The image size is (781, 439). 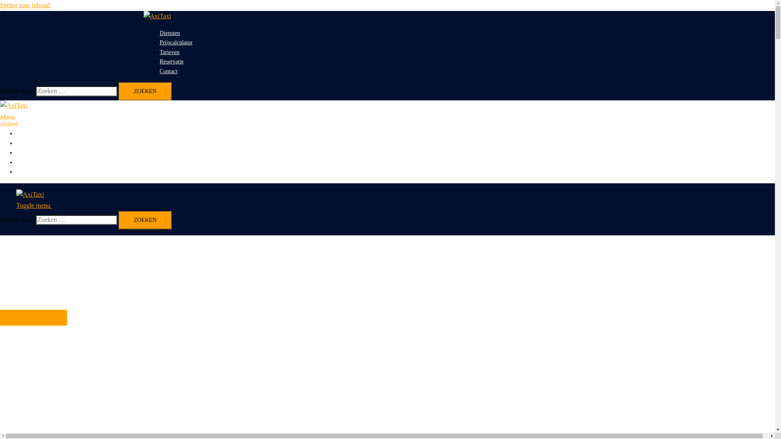 What do you see at coordinates (28, 162) in the screenshot?
I see `'Reservatie'` at bounding box center [28, 162].